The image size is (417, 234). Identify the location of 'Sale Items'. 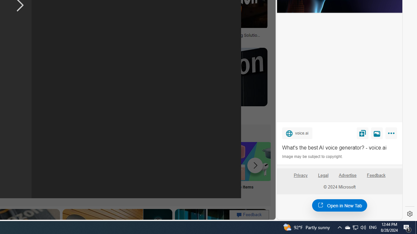
(252, 169).